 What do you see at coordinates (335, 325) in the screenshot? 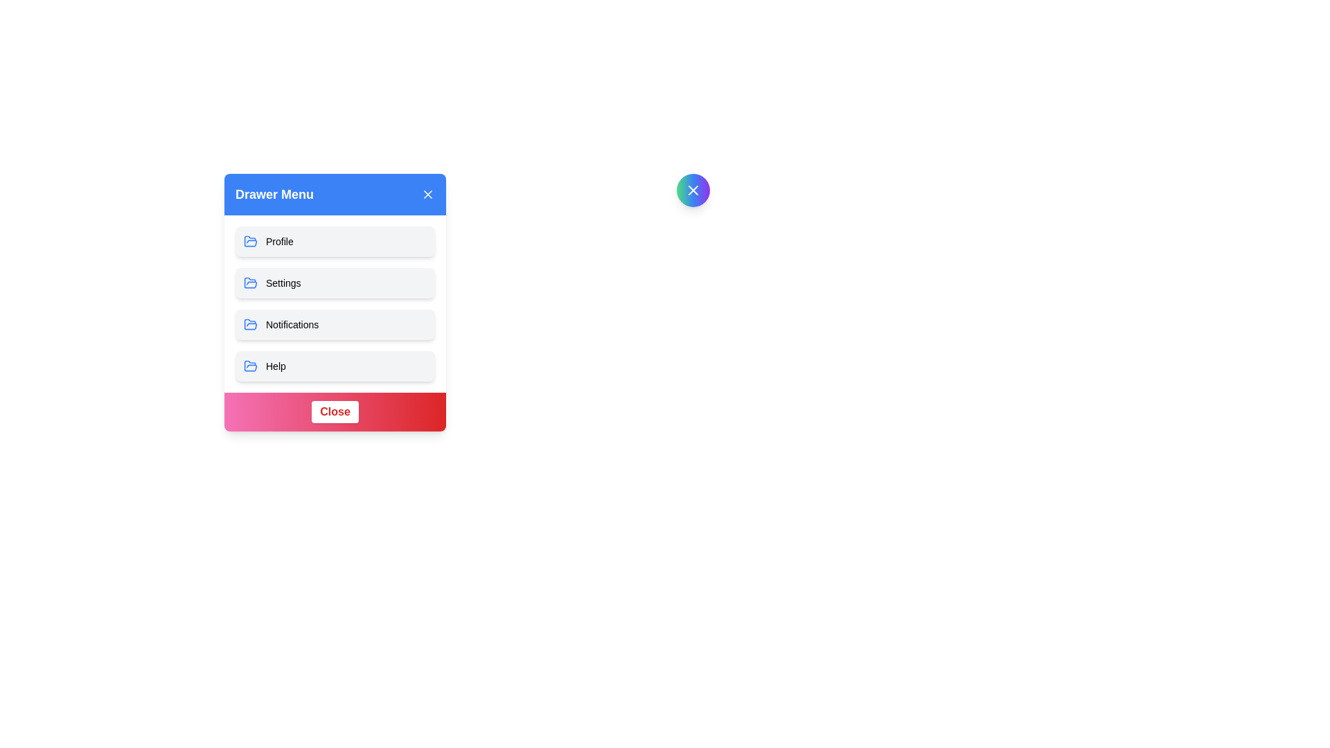
I see `the selectable menu item that navigates to the 'Notifications' section, located in the third position of the vertical menu, above 'Help' and below 'Settings'` at bounding box center [335, 325].